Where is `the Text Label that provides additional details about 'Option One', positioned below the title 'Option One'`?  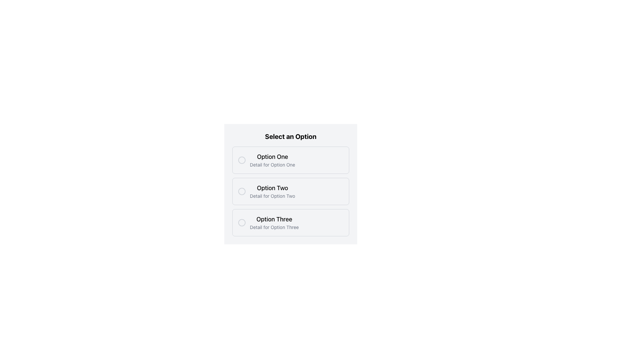
the Text Label that provides additional details about 'Option One', positioned below the title 'Option One' is located at coordinates (272, 165).